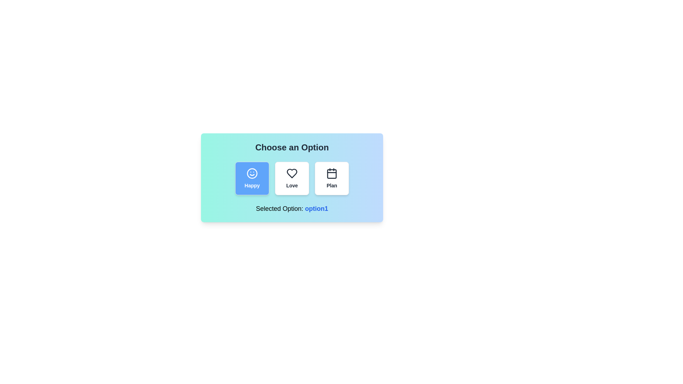  What do you see at coordinates (292, 178) in the screenshot?
I see `the 'Love' Icon Button` at bounding box center [292, 178].